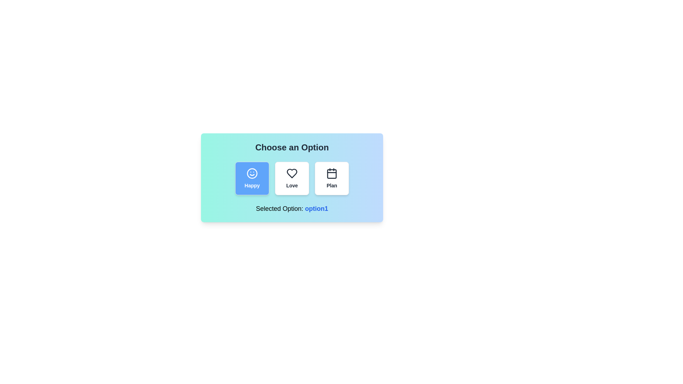  What do you see at coordinates (292, 178) in the screenshot?
I see `the 'Love' Icon Button` at bounding box center [292, 178].